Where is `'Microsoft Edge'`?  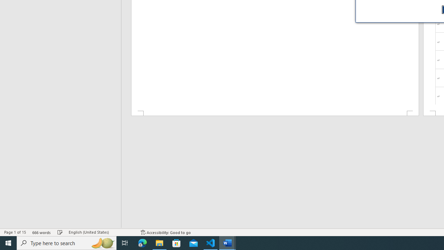 'Microsoft Edge' is located at coordinates (142, 242).